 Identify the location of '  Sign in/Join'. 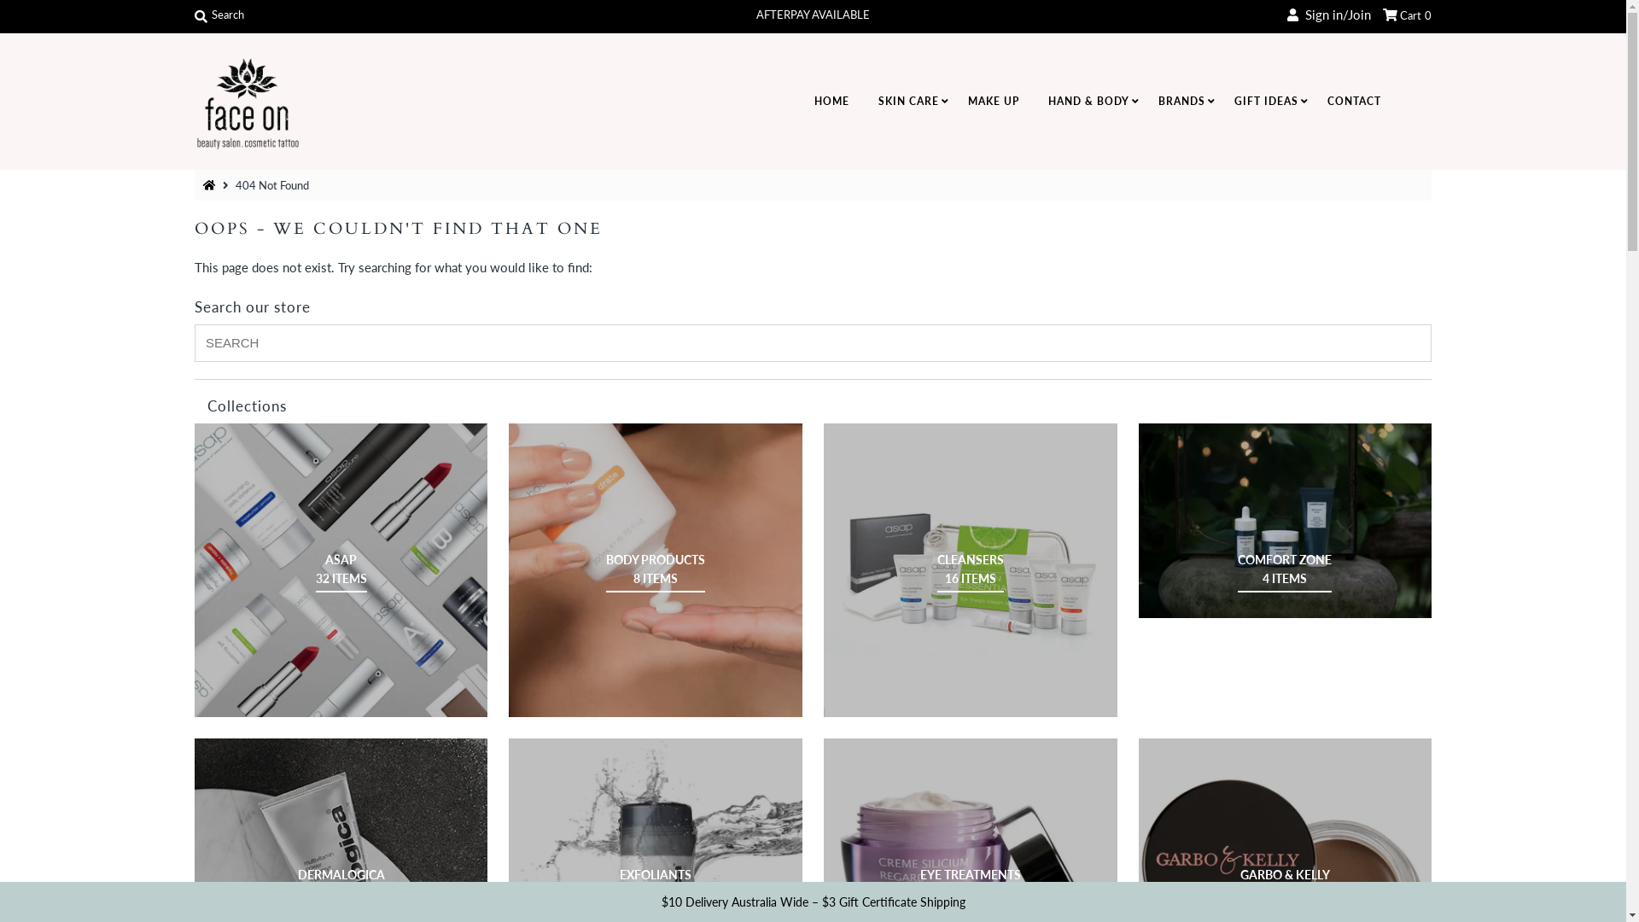
(1327, 14).